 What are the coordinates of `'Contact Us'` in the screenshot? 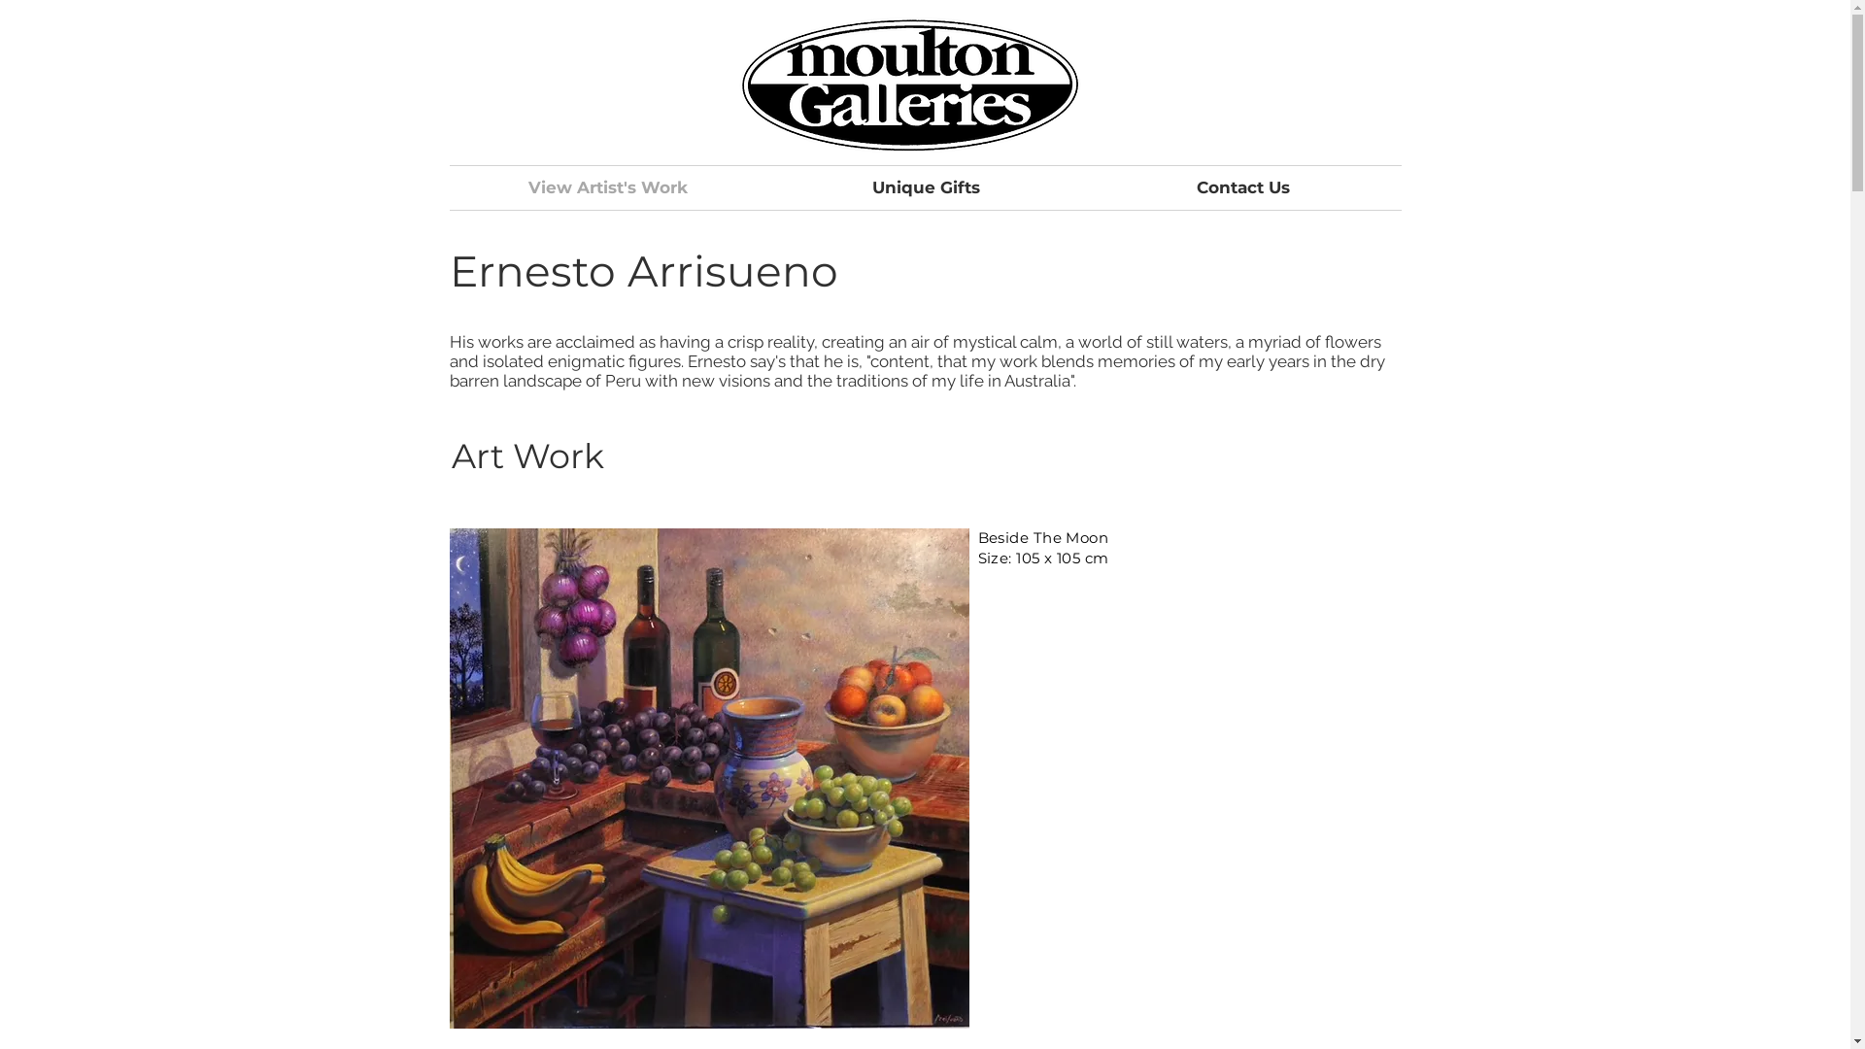 It's located at (1240, 187).